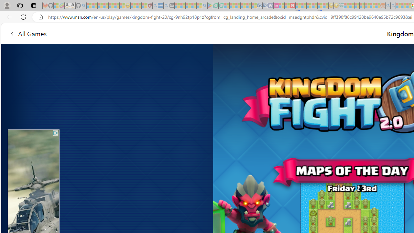 This screenshot has height=233, width=414. I want to click on 'Latest Politics News & Archive | Newsweek.com - Sleeping', so click(292, 6).